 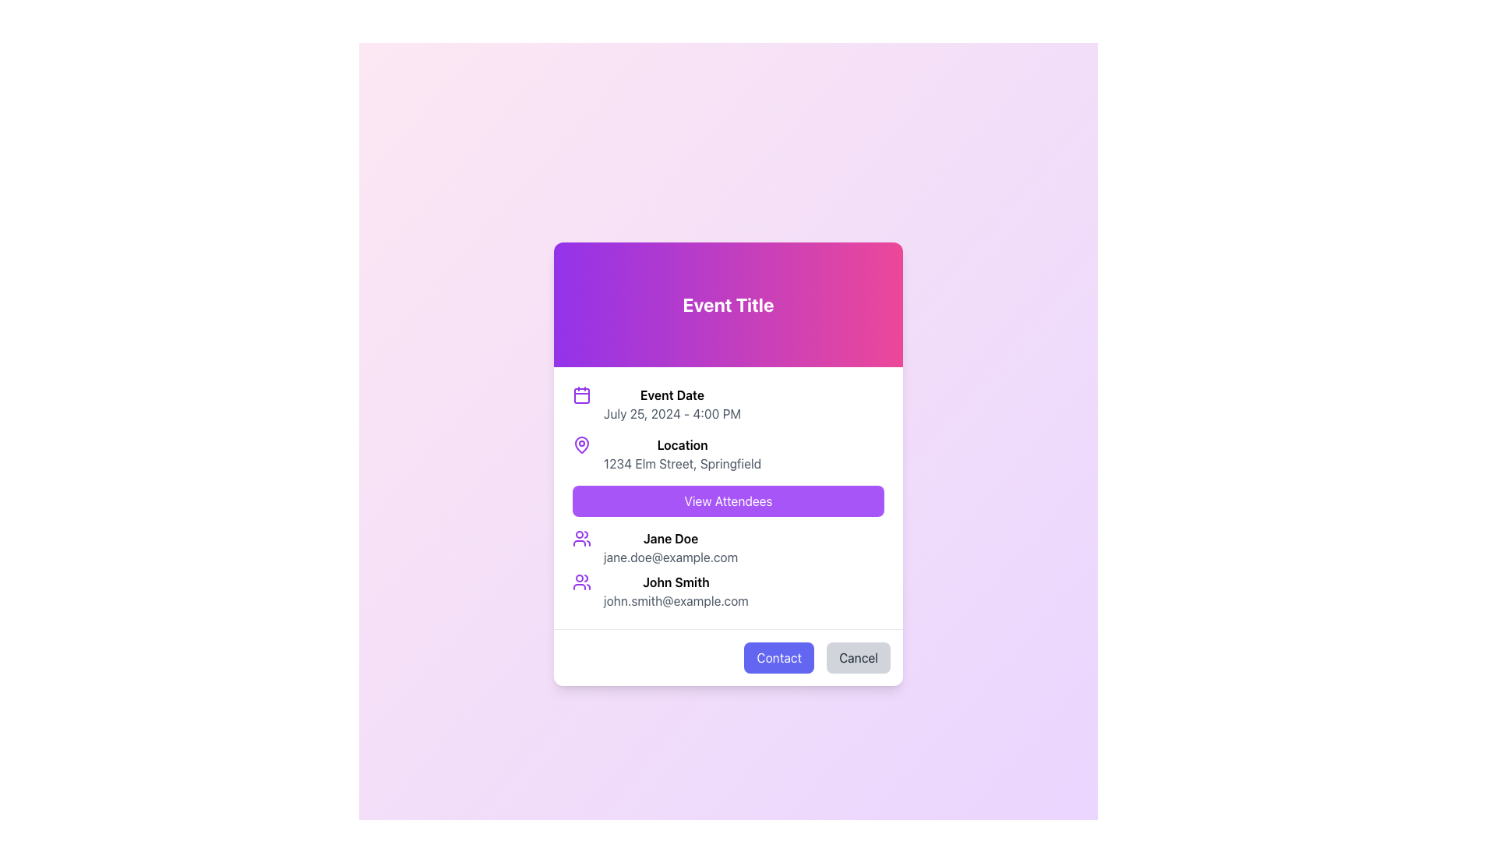 I want to click on the address text element located directly below the bold 'Location' text in a vertical list layout, so click(x=683, y=462).